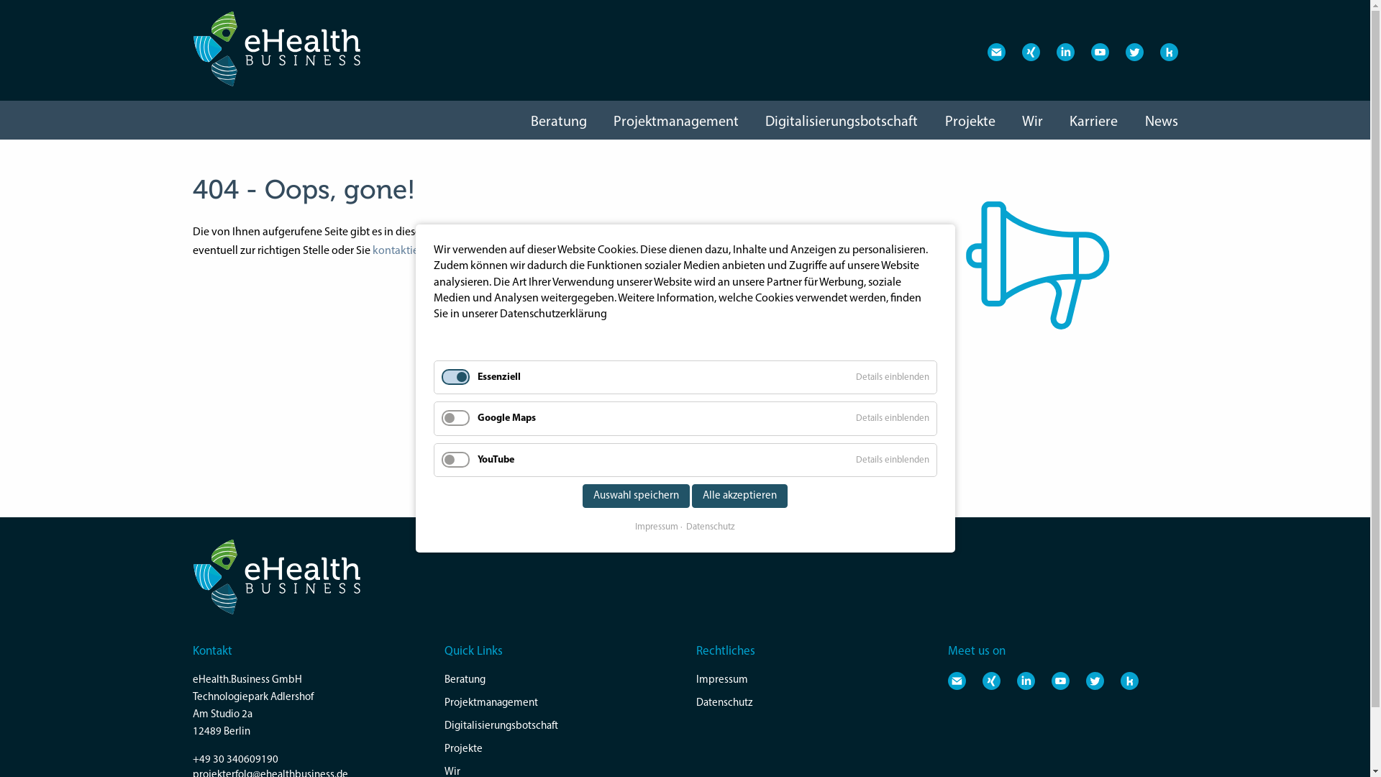 The height and width of the screenshot is (777, 1381). I want to click on 'E-Mail an eHealth.Business', so click(957, 680).